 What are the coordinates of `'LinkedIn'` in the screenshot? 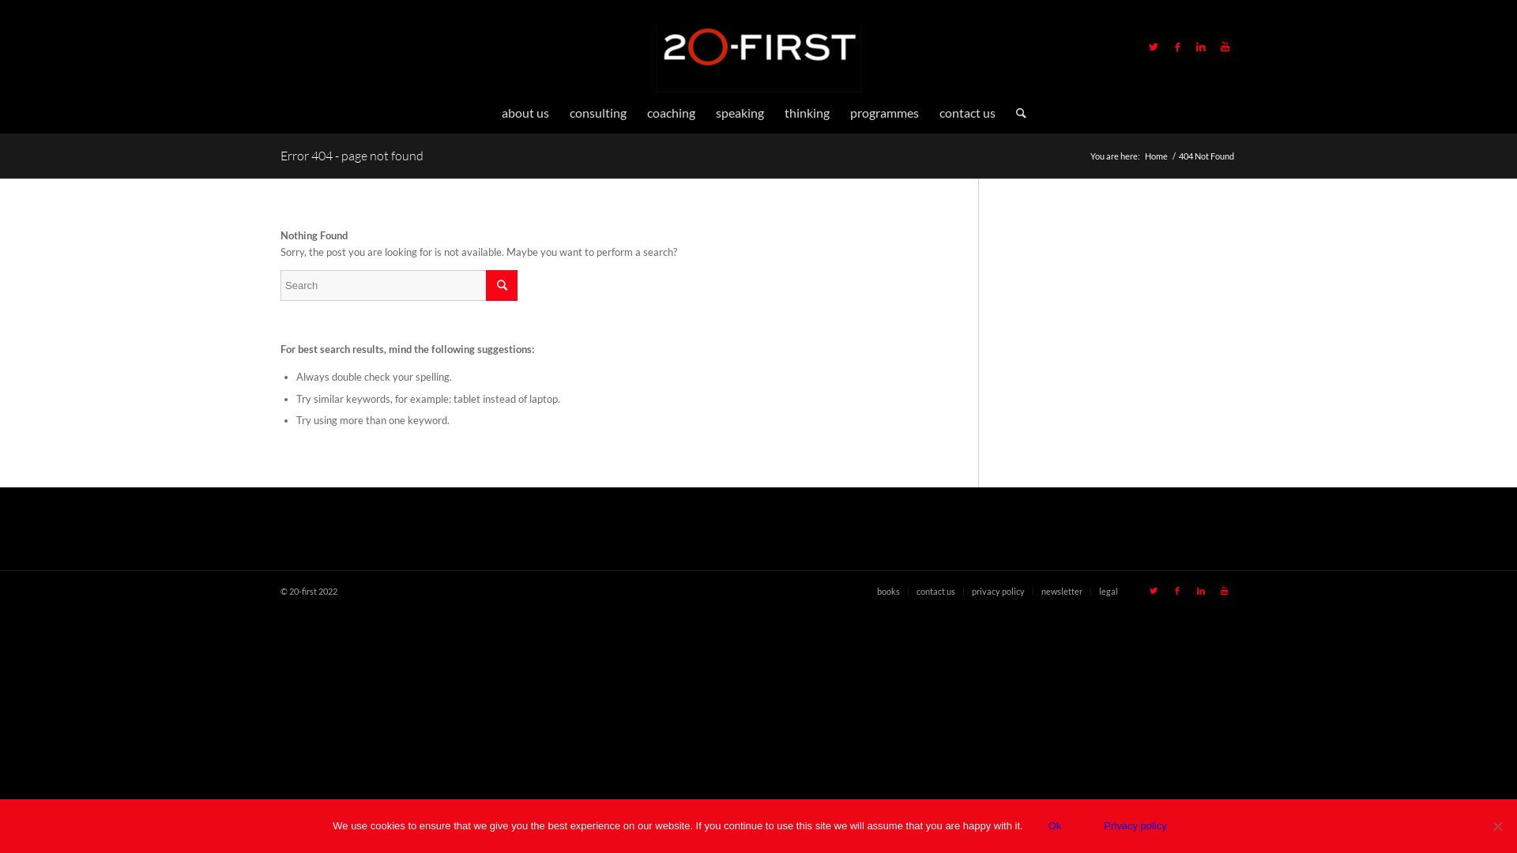 It's located at (1201, 45).